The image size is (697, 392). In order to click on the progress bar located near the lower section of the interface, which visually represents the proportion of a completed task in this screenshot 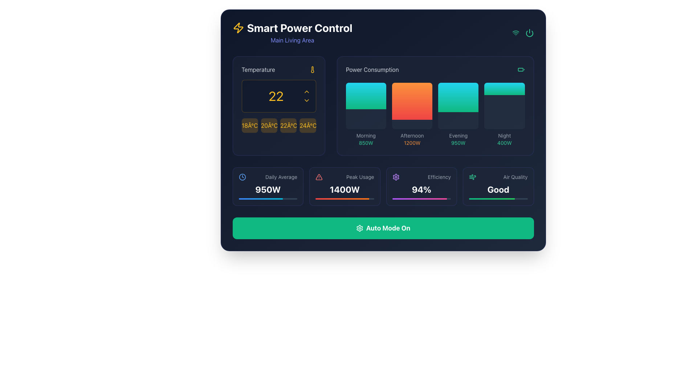, I will do `click(419, 199)`.